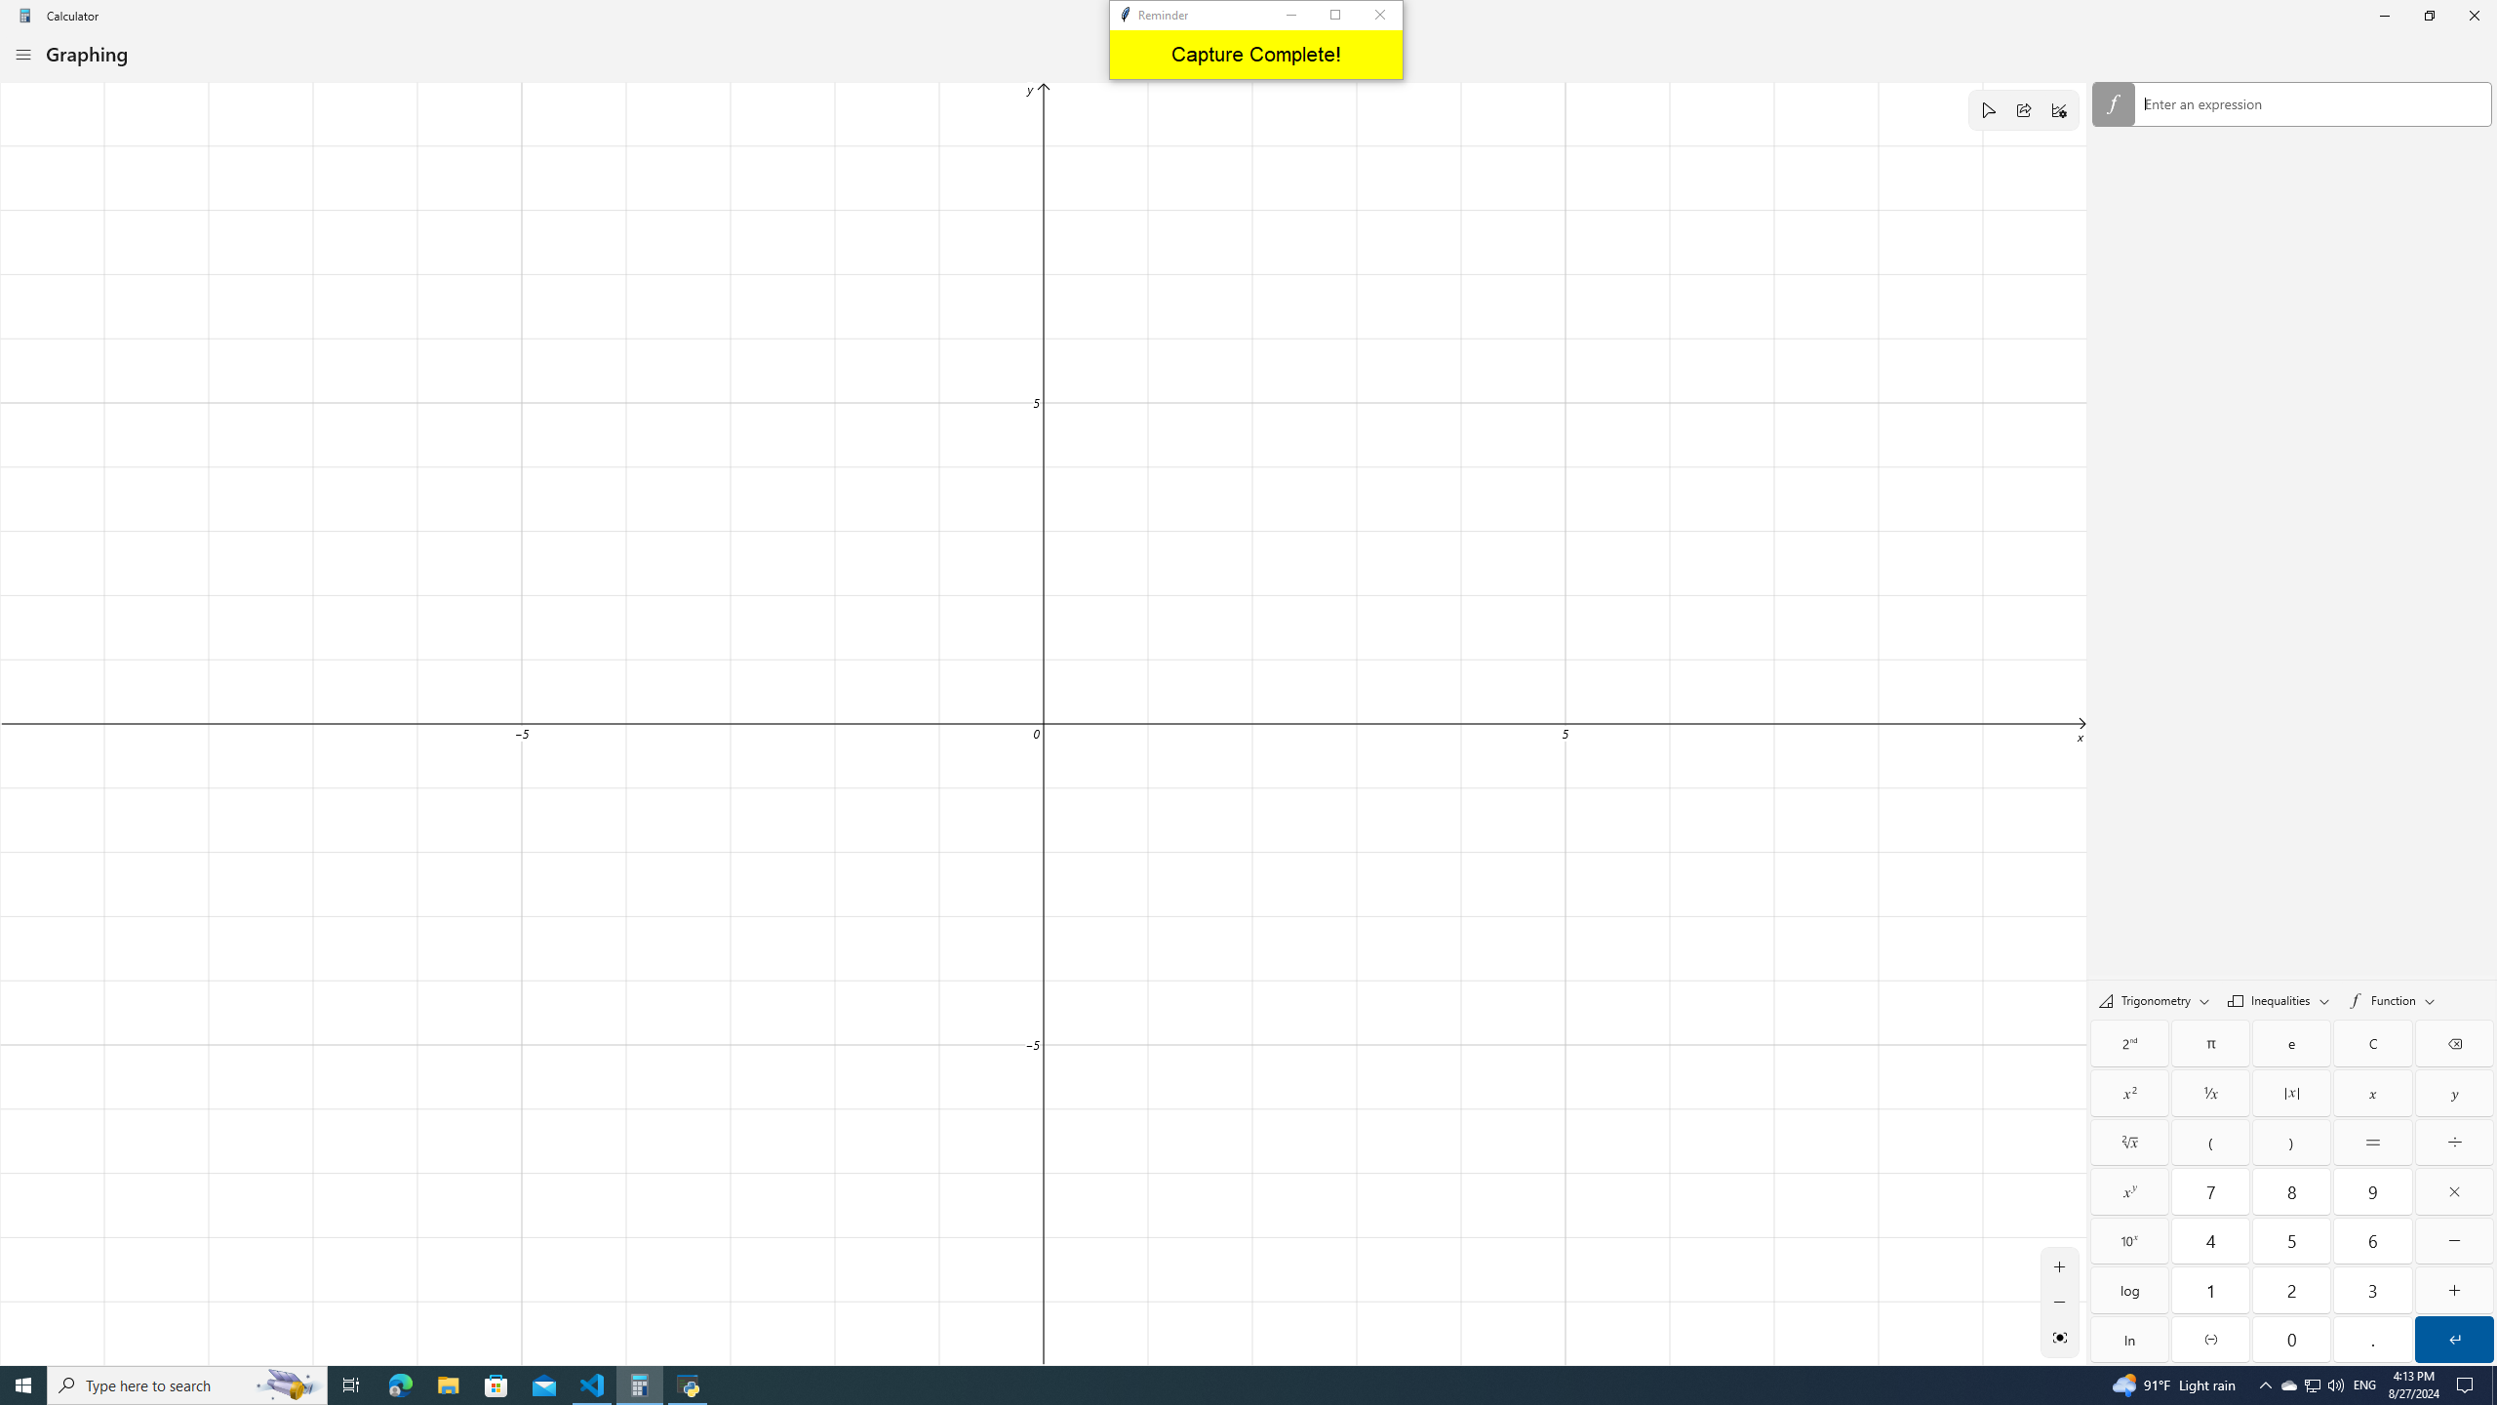 The height and width of the screenshot is (1405, 2497). I want to click on 'Close Calculator', so click(2473, 15).